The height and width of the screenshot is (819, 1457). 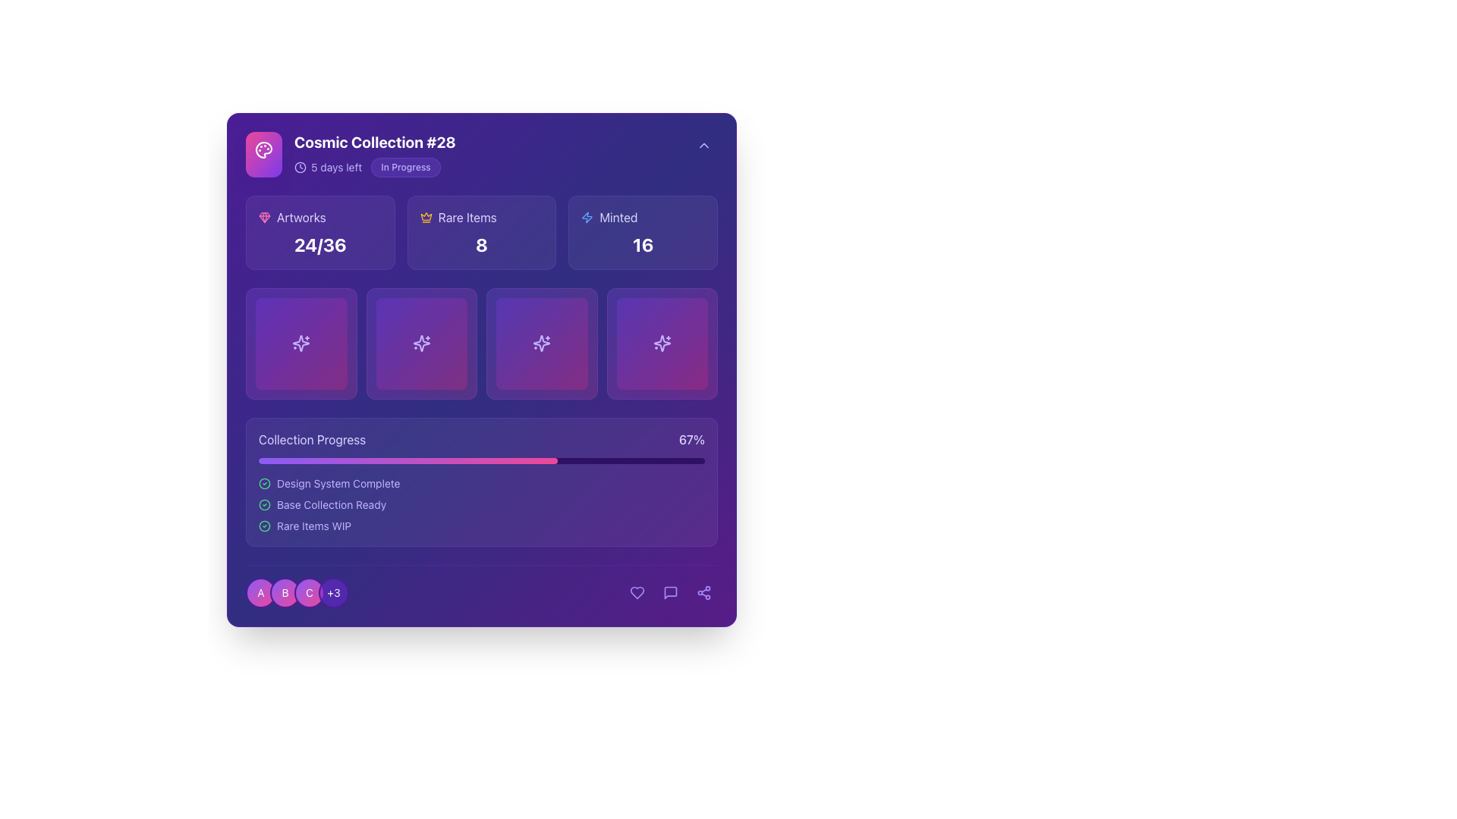 What do you see at coordinates (542, 344) in the screenshot?
I see `the star icon located in the middle section of the user interface, which is the third icon in the second row of rectangular containers, to interact with it` at bounding box center [542, 344].